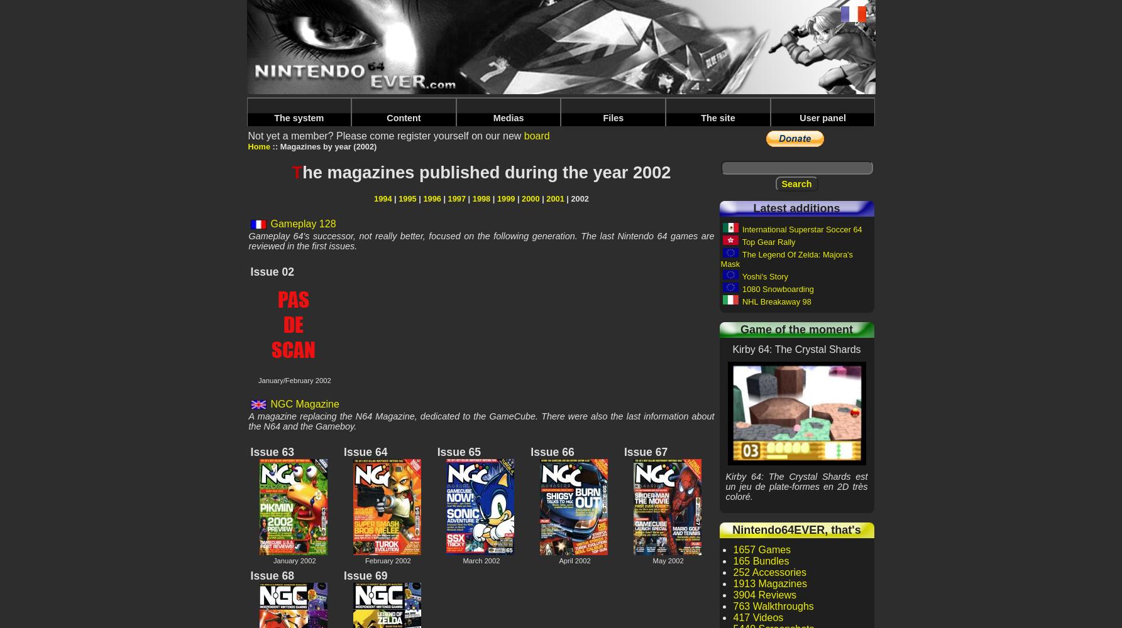 The width and height of the screenshot is (1122, 628). Describe the element at coordinates (530, 198) in the screenshot. I see `'2000'` at that location.